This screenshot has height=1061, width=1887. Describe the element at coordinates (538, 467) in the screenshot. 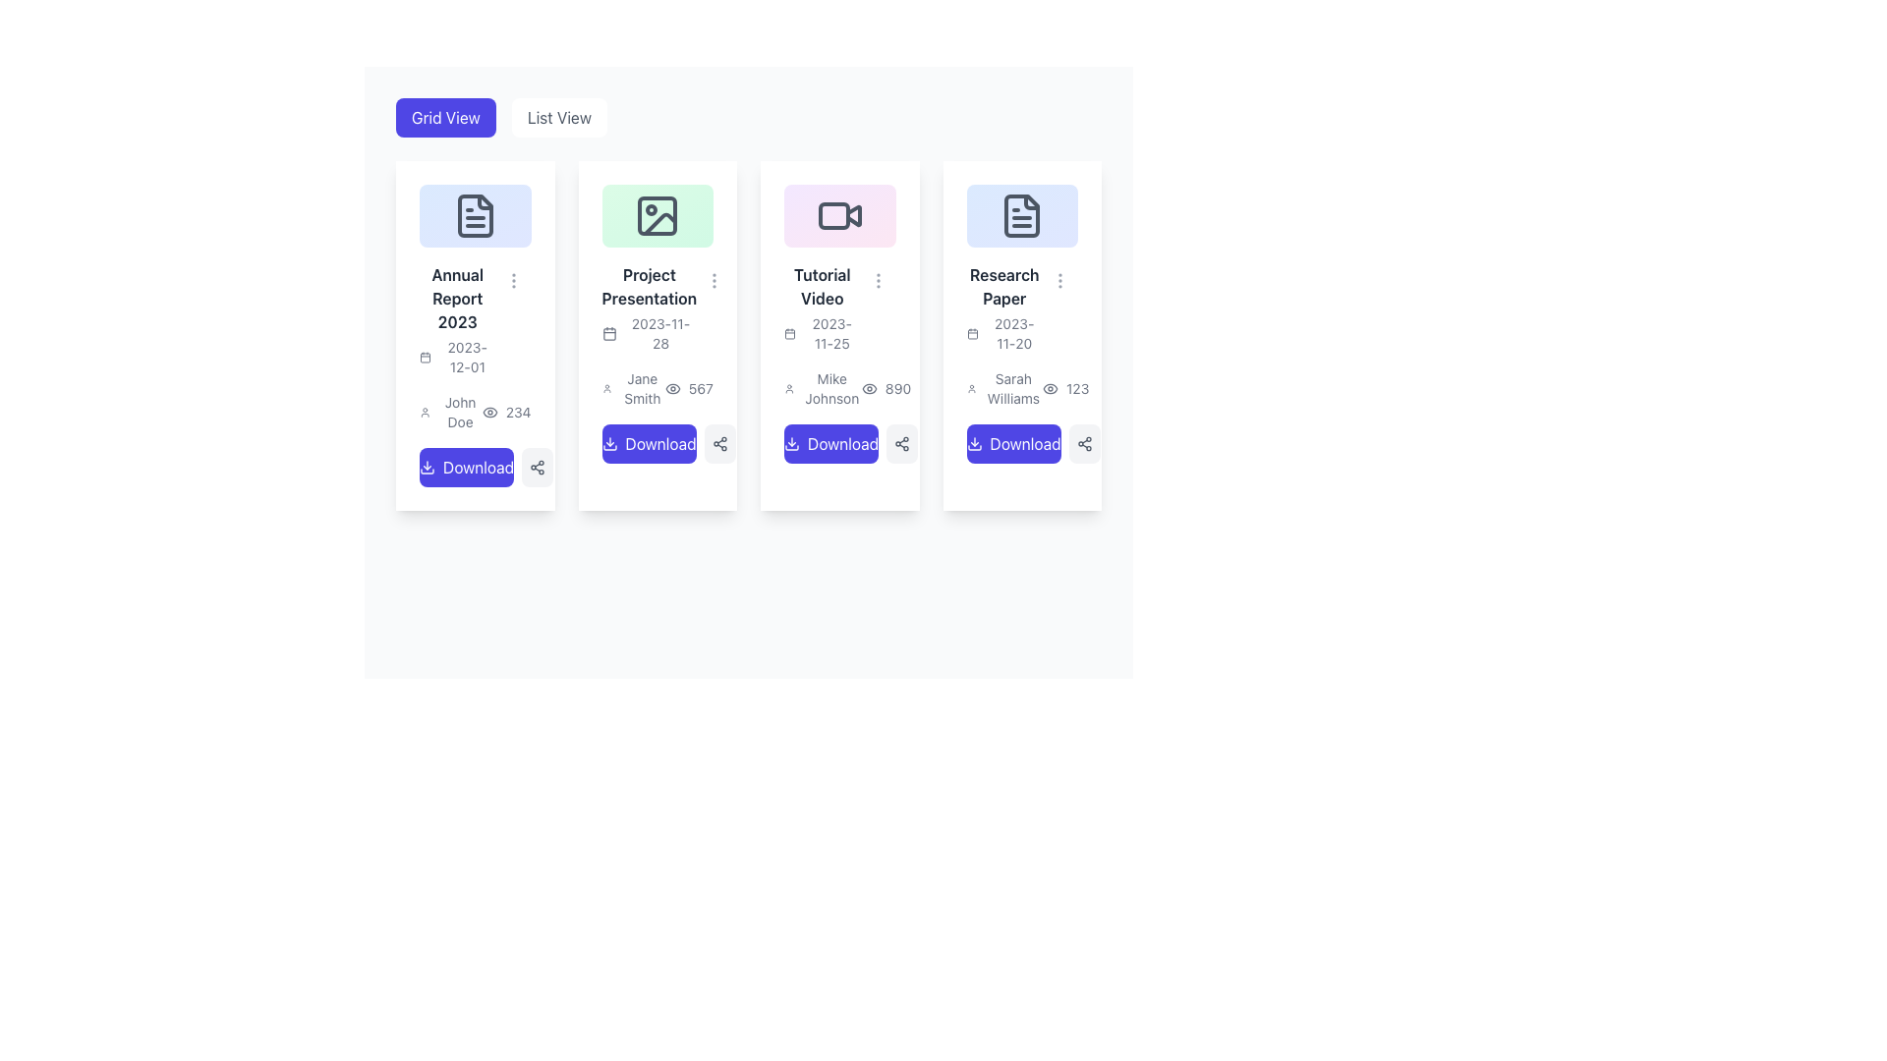

I see `the share button located to the immediate right of the 'Download' button within the 'Annual Report 2023' card` at that location.